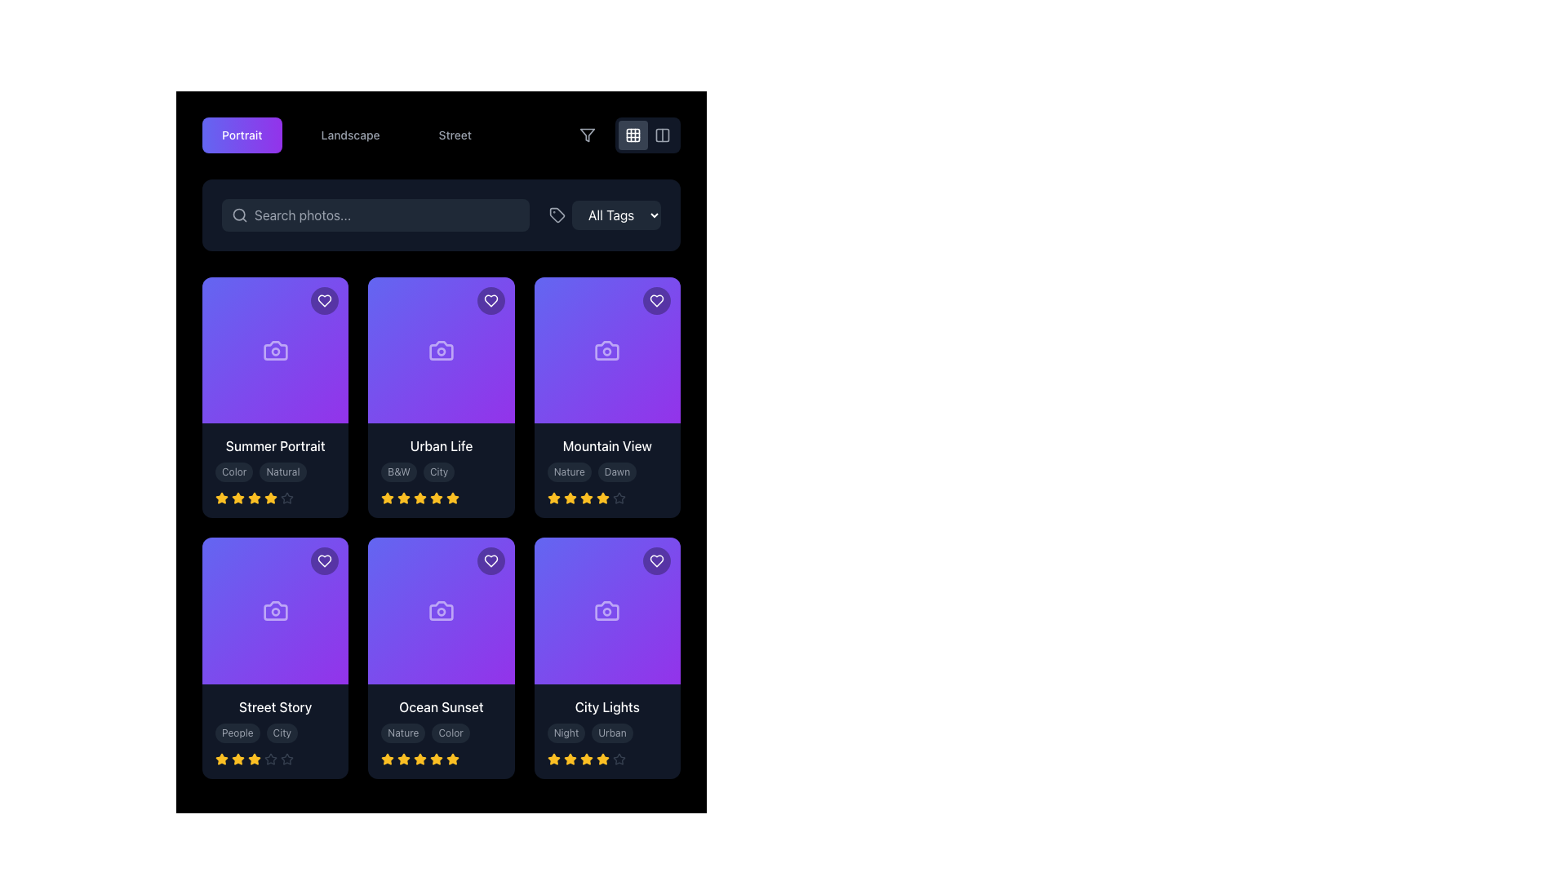 This screenshot has width=1567, height=881. What do you see at coordinates (420, 759) in the screenshot?
I see `the fourth star in the five-star rating system below the 'Ocean Sunset' card to rate the item at this level` at bounding box center [420, 759].